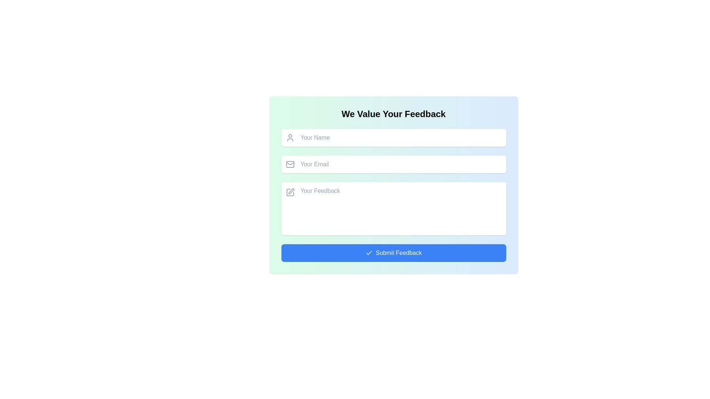 This screenshot has width=710, height=399. I want to click on the Textarea input box located in the center of the 'We Value Your Feedback' form, so click(393, 185).